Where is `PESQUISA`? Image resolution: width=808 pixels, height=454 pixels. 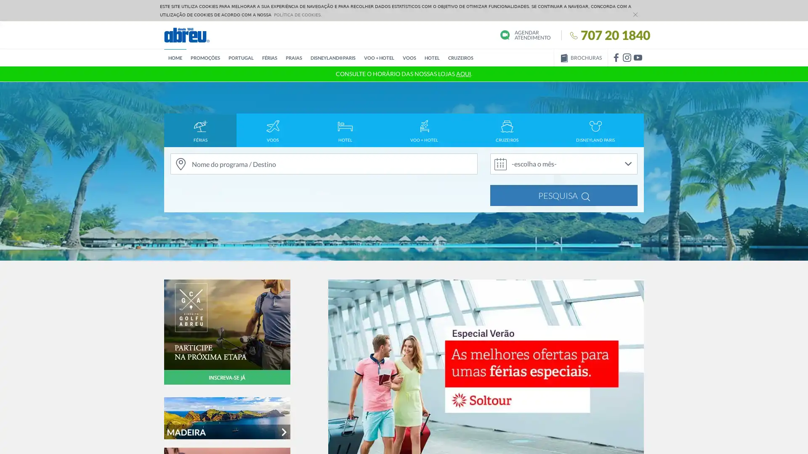 PESQUISA is located at coordinates (563, 195).